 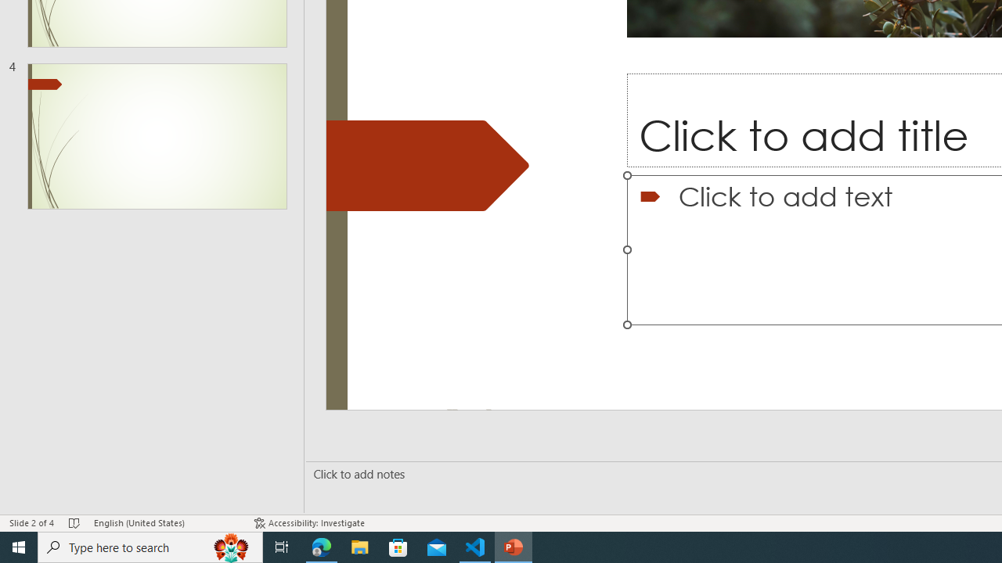 What do you see at coordinates (309, 523) in the screenshot?
I see `'Accessibility Checker Accessibility: Investigate'` at bounding box center [309, 523].